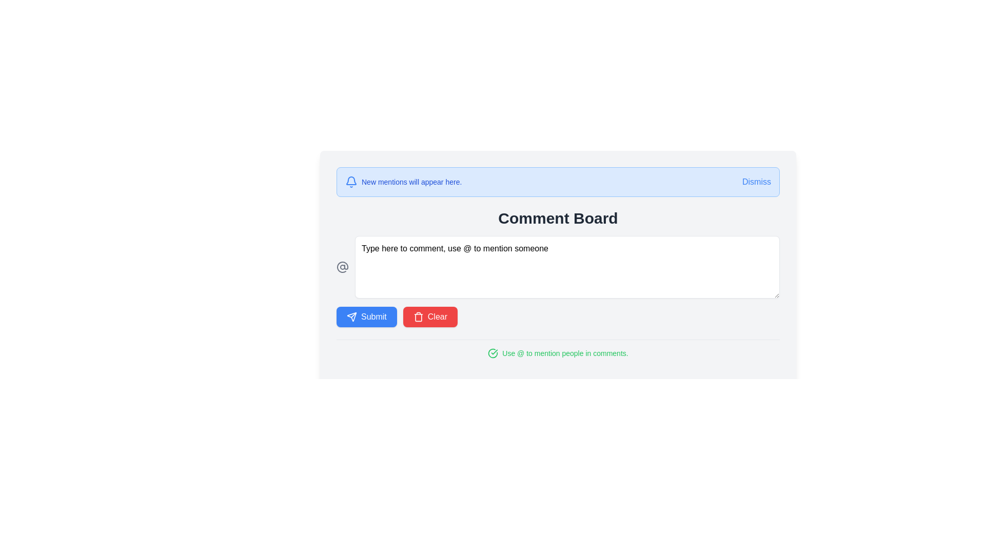 This screenshot has width=985, height=554. What do you see at coordinates (352, 316) in the screenshot?
I see `the 'send' or 'submit' icon which is located on the left side of the 'Submit' button to initiate the submit action` at bounding box center [352, 316].